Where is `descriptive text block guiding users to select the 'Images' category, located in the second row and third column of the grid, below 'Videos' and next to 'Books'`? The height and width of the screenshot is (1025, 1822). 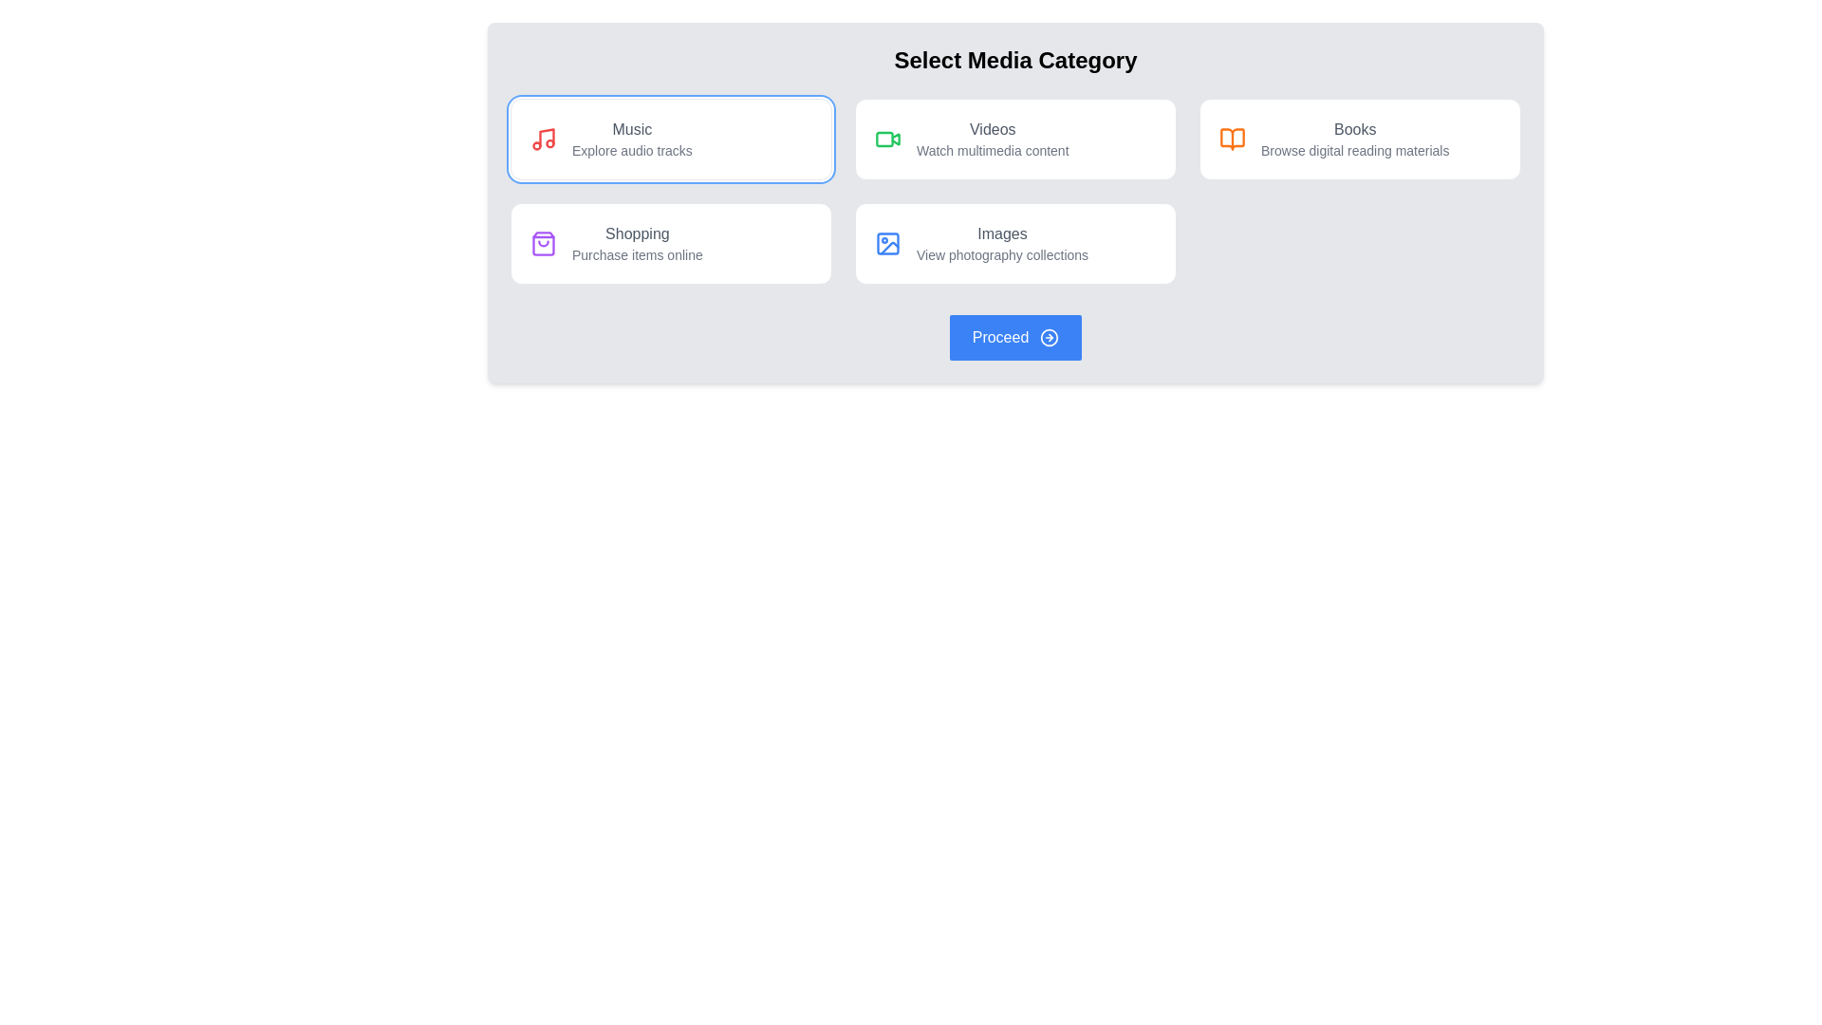
descriptive text block guiding users to select the 'Images' category, located in the second row and third column of the grid, below 'Videos' and next to 'Books' is located at coordinates (1001, 243).